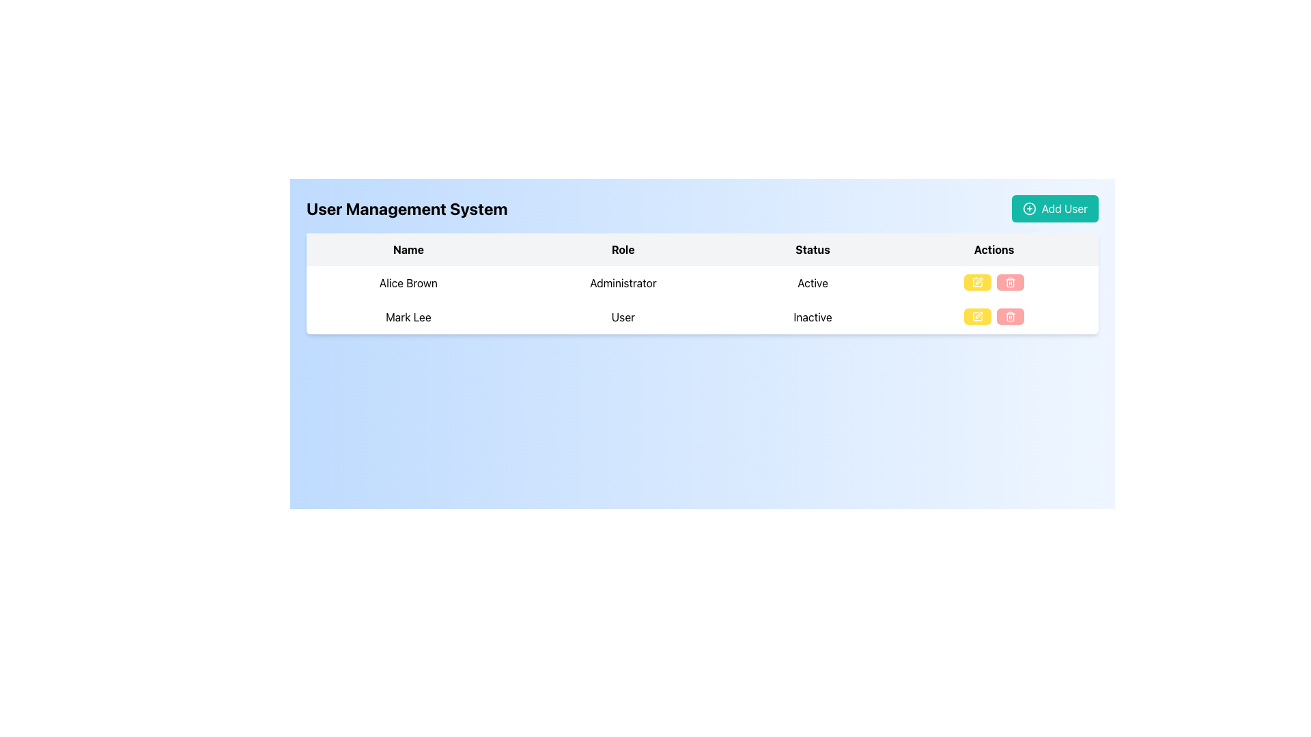 The width and height of the screenshot is (1311, 737). What do you see at coordinates (813, 283) in the screenshot?
I see `the 'Active' status label for user 'Alice Brown' located in the third cell of the Status column in the table` at bounding box center [813, 283].